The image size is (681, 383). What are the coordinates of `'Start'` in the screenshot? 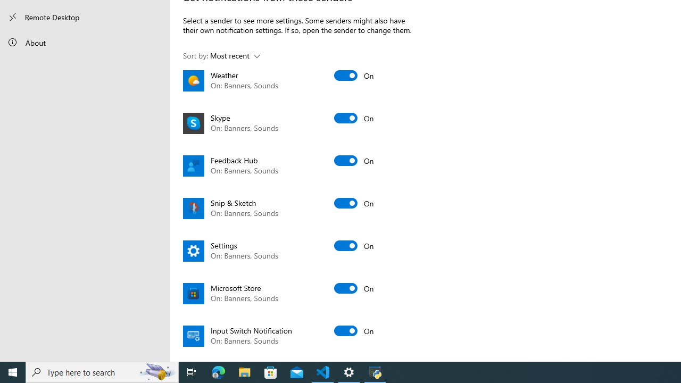 It's located at (13, 371).